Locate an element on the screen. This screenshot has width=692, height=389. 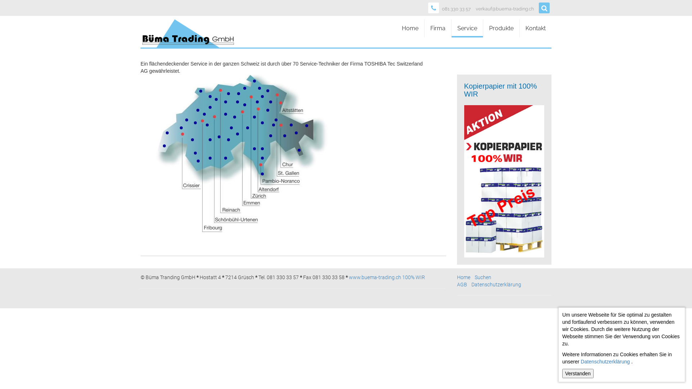
'100% WIR' is located at coordinates (413, 277).